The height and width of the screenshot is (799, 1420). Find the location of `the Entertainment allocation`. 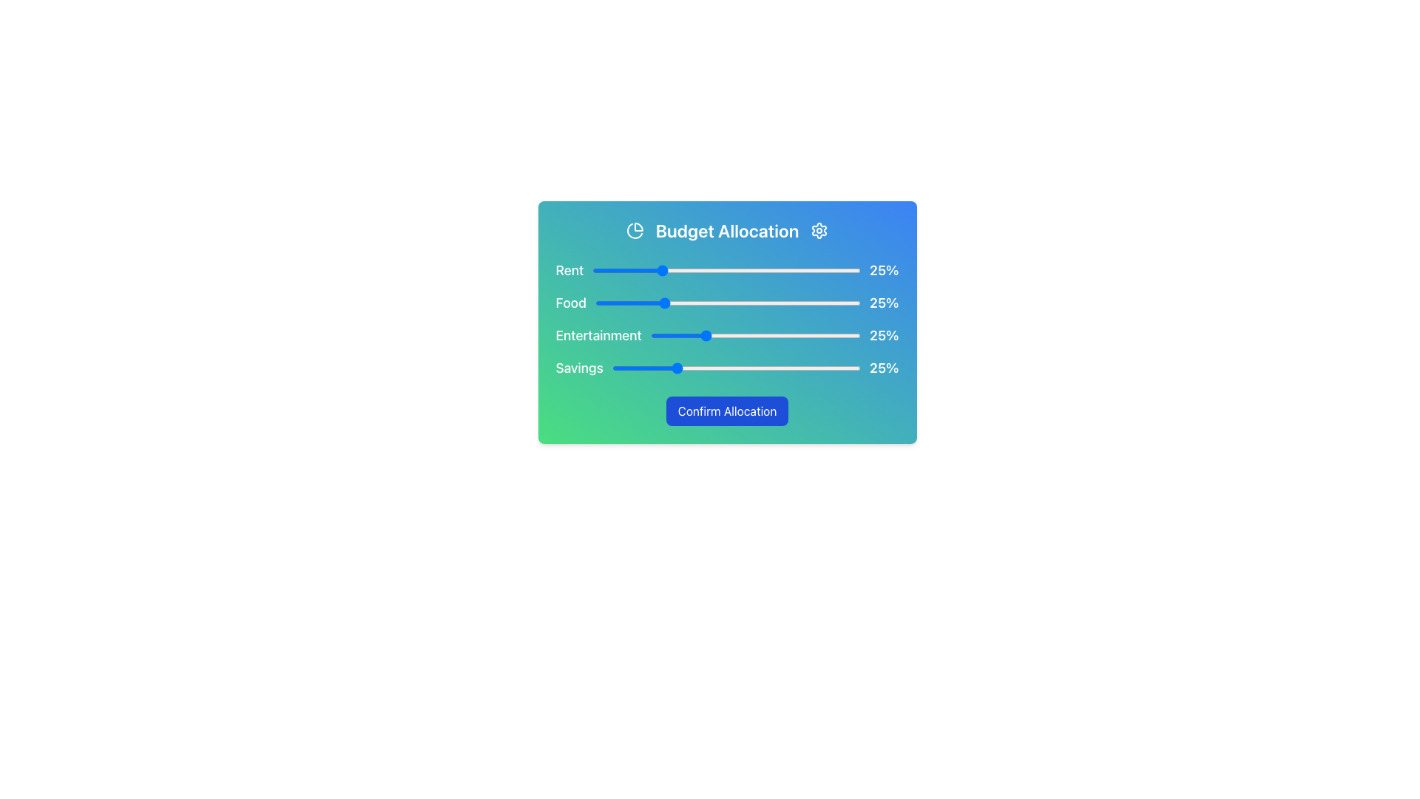

the Entertainment allocation is located at coordinates (743, 336).